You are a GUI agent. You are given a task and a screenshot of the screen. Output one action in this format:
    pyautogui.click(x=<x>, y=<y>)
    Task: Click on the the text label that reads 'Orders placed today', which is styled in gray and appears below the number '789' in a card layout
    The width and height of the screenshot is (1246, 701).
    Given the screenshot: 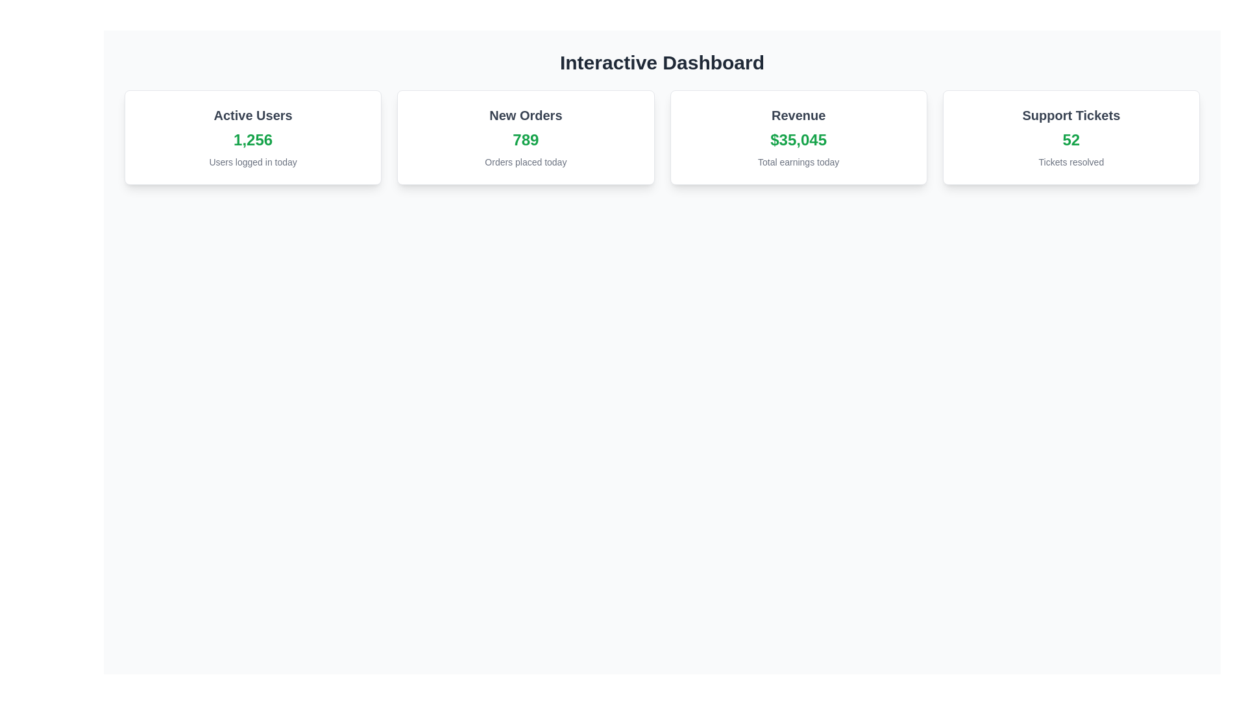 What is the action you would take?
    pyautogui.click(x=526, y=162)
    